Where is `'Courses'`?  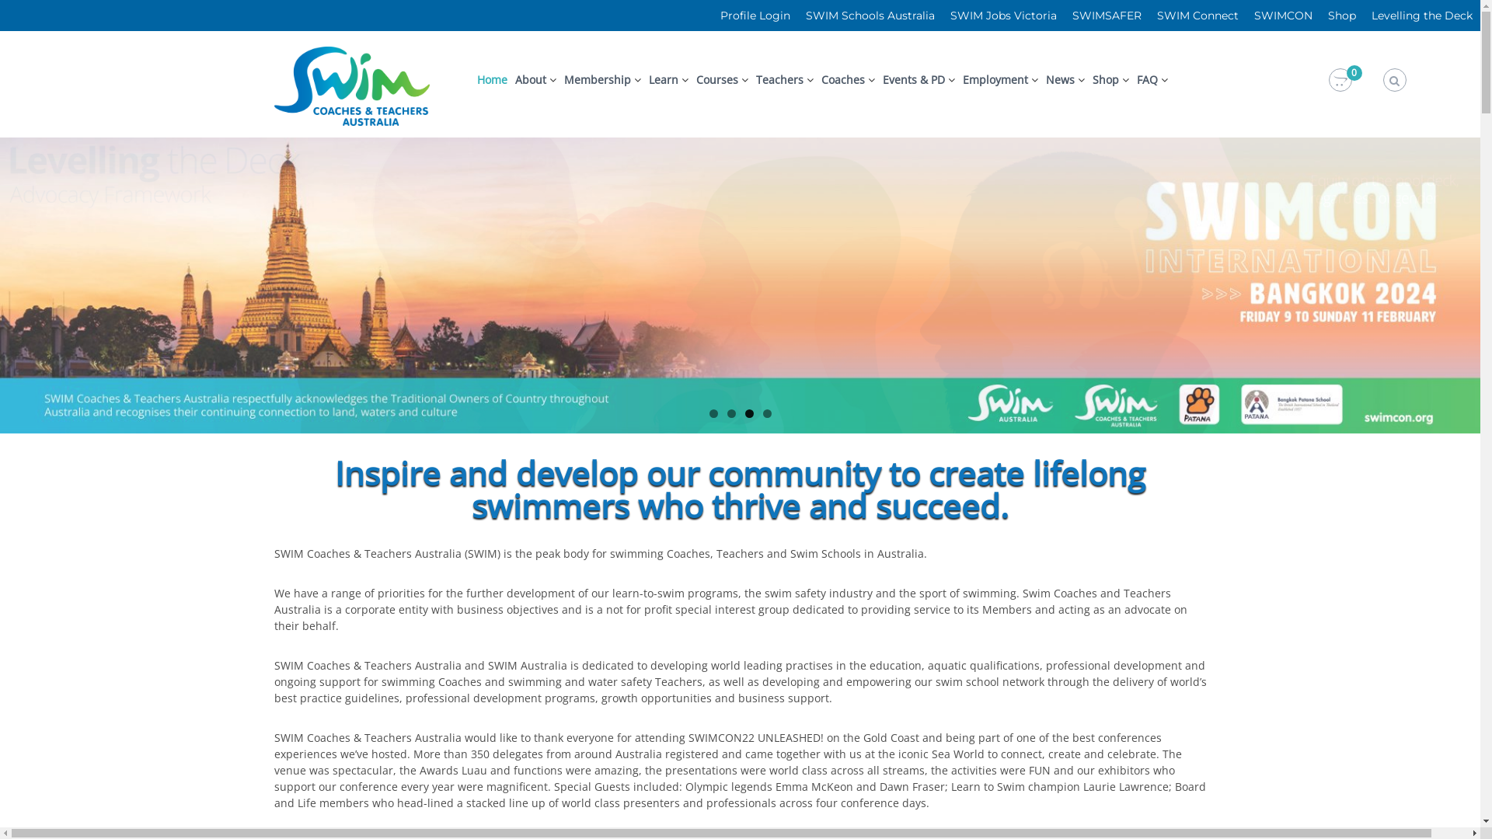 'Courses' is located at coordinates (716, 79).